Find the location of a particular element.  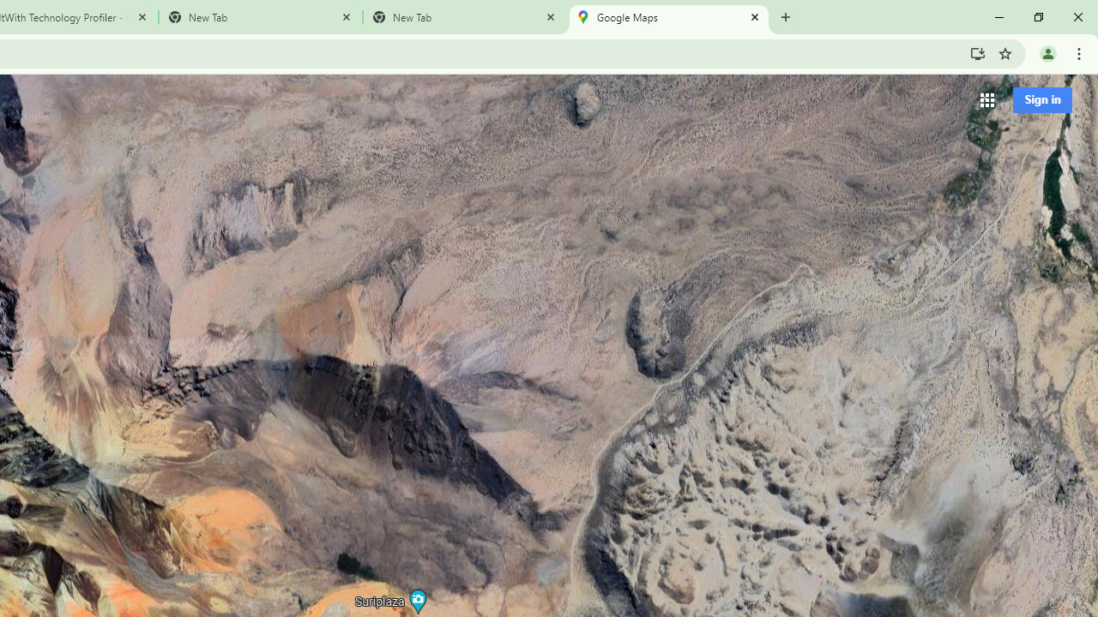

'Install Google Maps' is located at coordinates (977, 52).